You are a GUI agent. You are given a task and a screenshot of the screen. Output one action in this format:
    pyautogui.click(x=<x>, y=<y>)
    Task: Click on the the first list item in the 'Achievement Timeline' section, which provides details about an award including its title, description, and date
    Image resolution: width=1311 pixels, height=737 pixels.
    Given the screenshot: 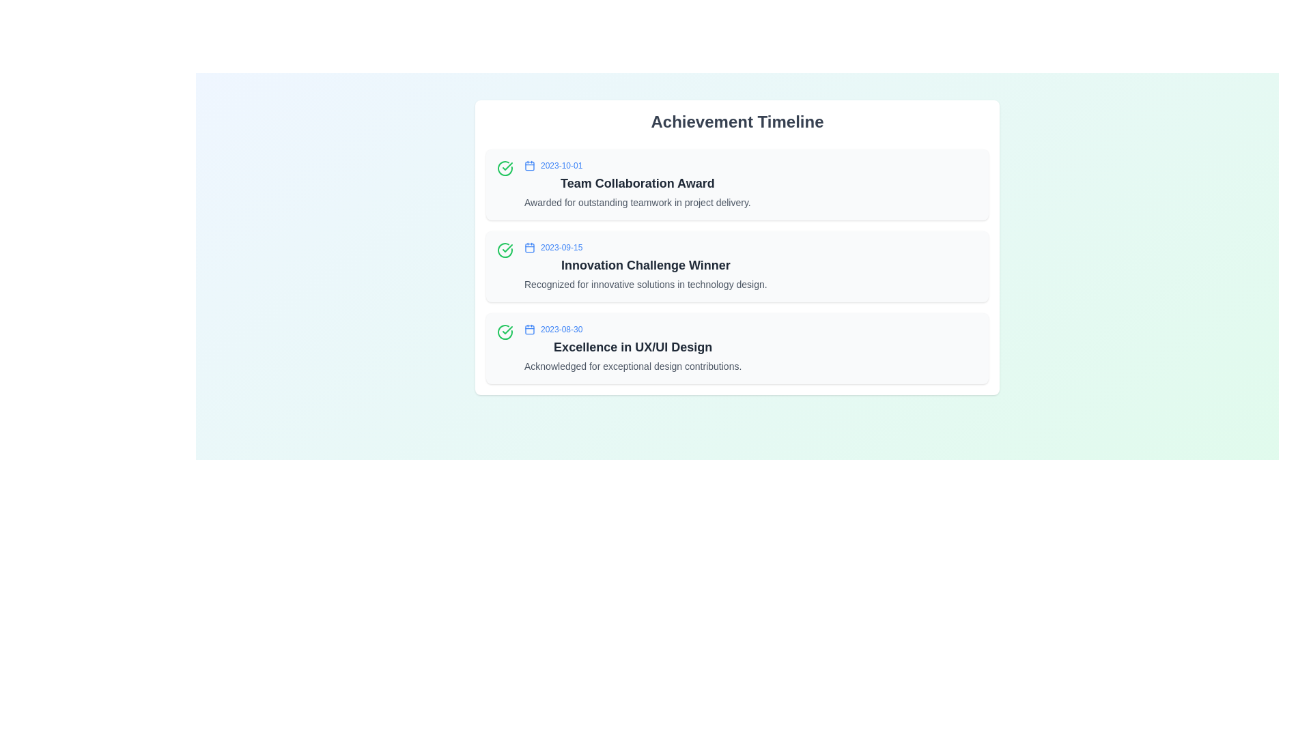 What is the action you would take?
    pyautogui.click(x=636, y=184)
    